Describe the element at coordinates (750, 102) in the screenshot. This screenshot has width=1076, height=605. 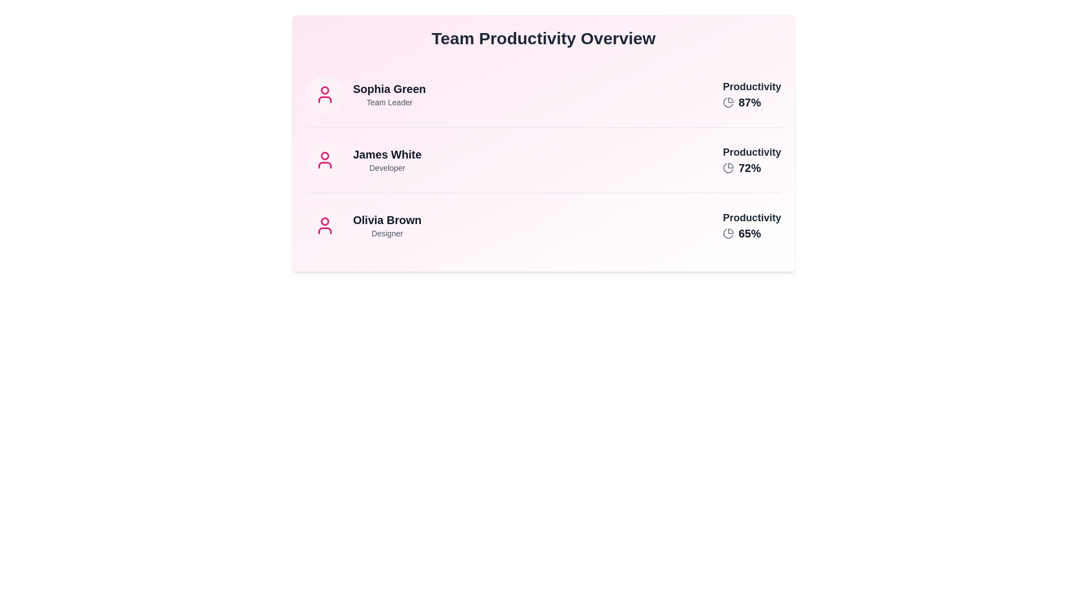
I see `the static text label displaying '87%' in bold and extra-large font, which indicates productivity information within the 'Team Productivity Overview' card` at that location.